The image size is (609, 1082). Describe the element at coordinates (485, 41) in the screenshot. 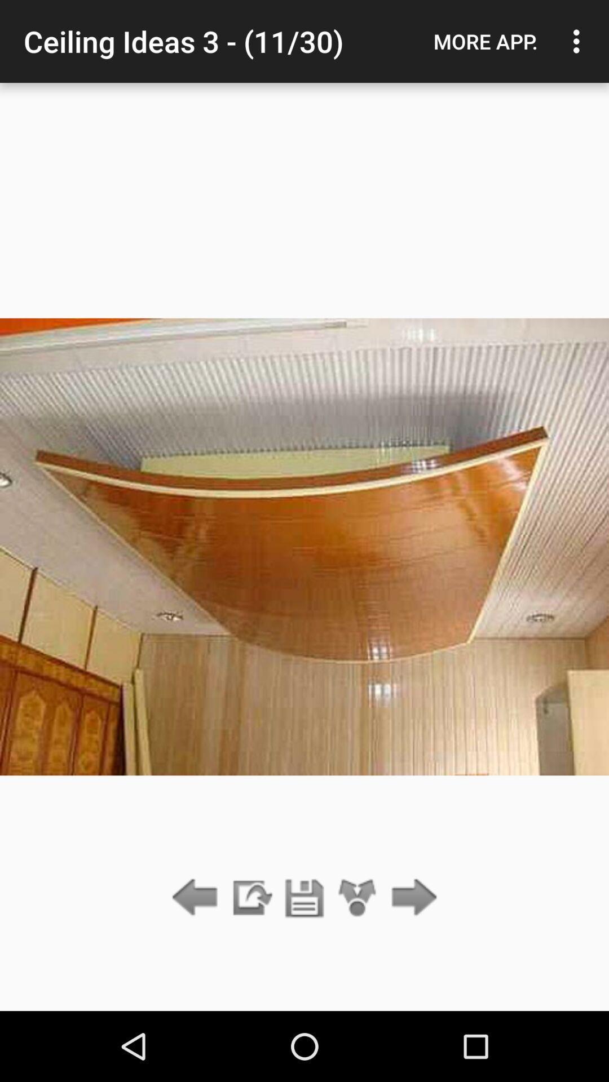

I see `app to the right of the ceiling ideas 3 app` at that location.